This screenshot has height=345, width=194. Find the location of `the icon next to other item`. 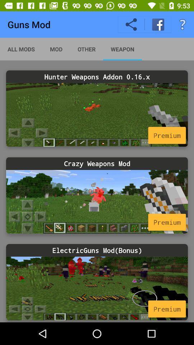

the icon next to other item is located at coordinates (122, 49).